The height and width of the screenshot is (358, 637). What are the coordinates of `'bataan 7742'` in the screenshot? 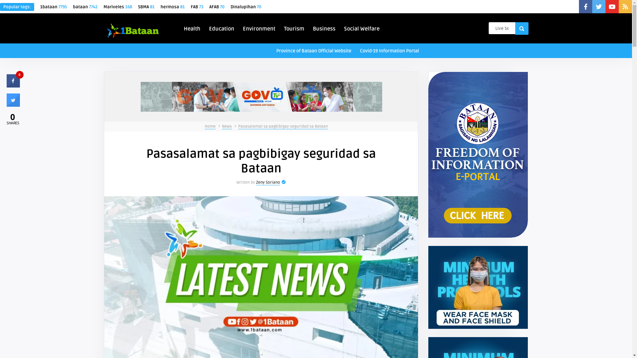 It's located at (85, 7).